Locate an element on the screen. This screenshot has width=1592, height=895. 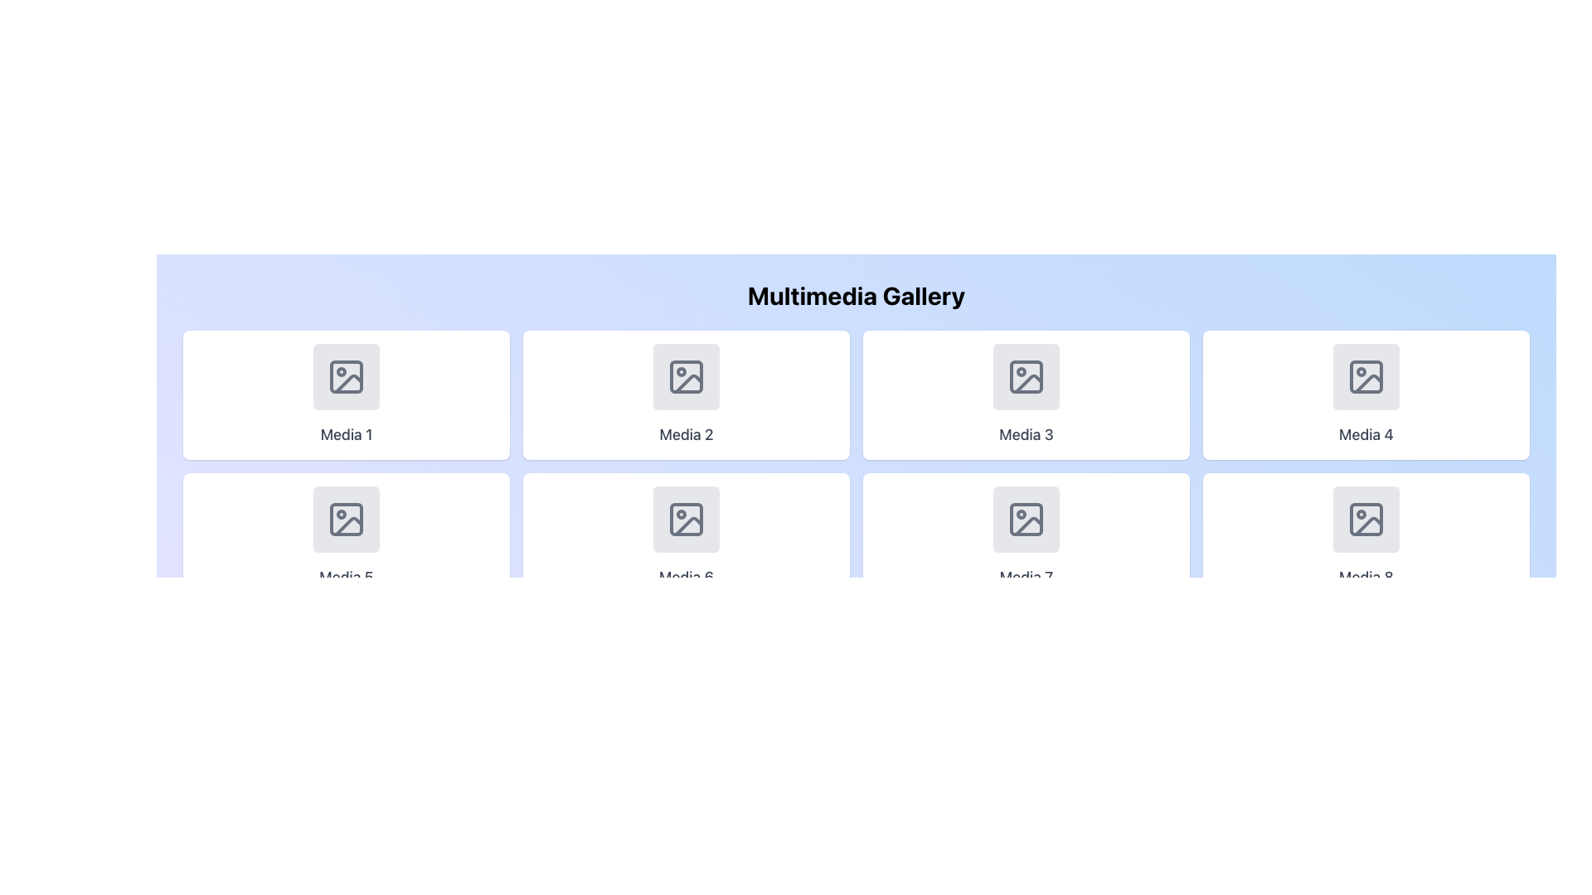
the multimedia gallery icon located in the bottom-right corner of the second row, which serves as a placeholder for a media file is located at coordinates (1366, 519).